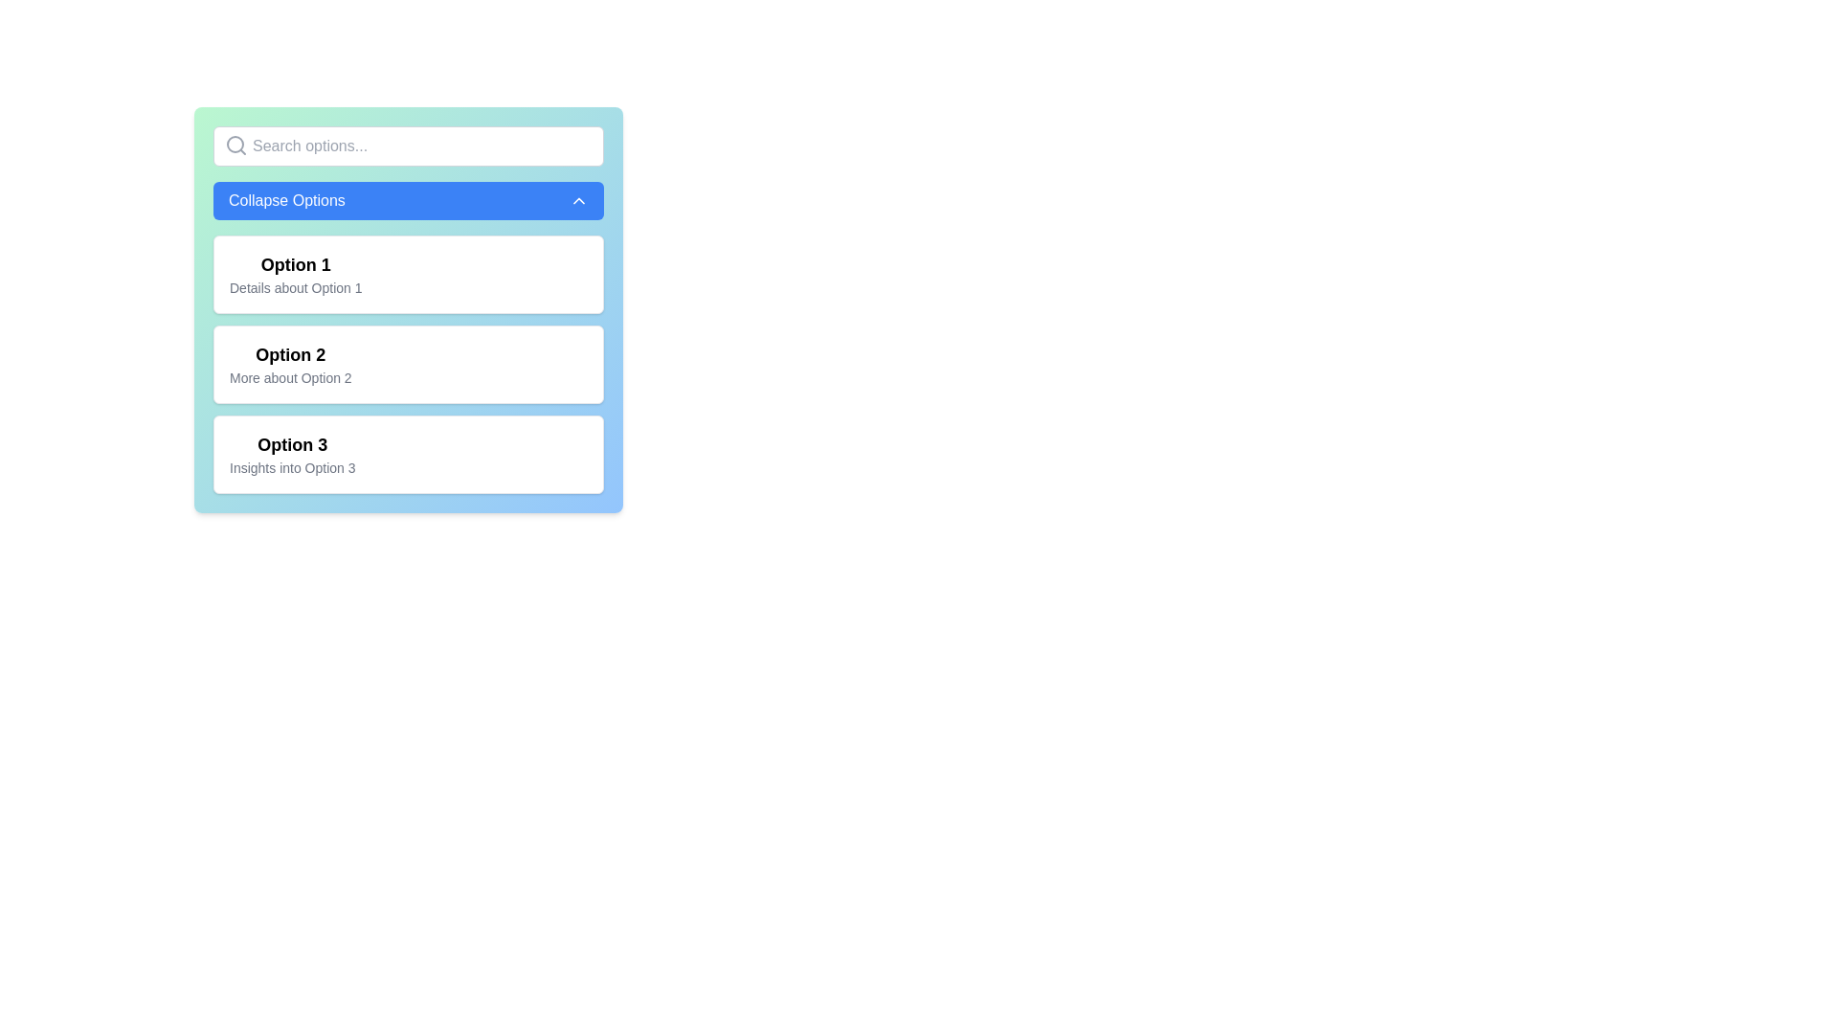 The height and width of the screenshot is (1034, 1838). Describe the element at coordinates (235, 144) in the screenshot. I see `the search icon styled as a magnifying glass, located within the input field on the left side, before the text placeholder` at that location.